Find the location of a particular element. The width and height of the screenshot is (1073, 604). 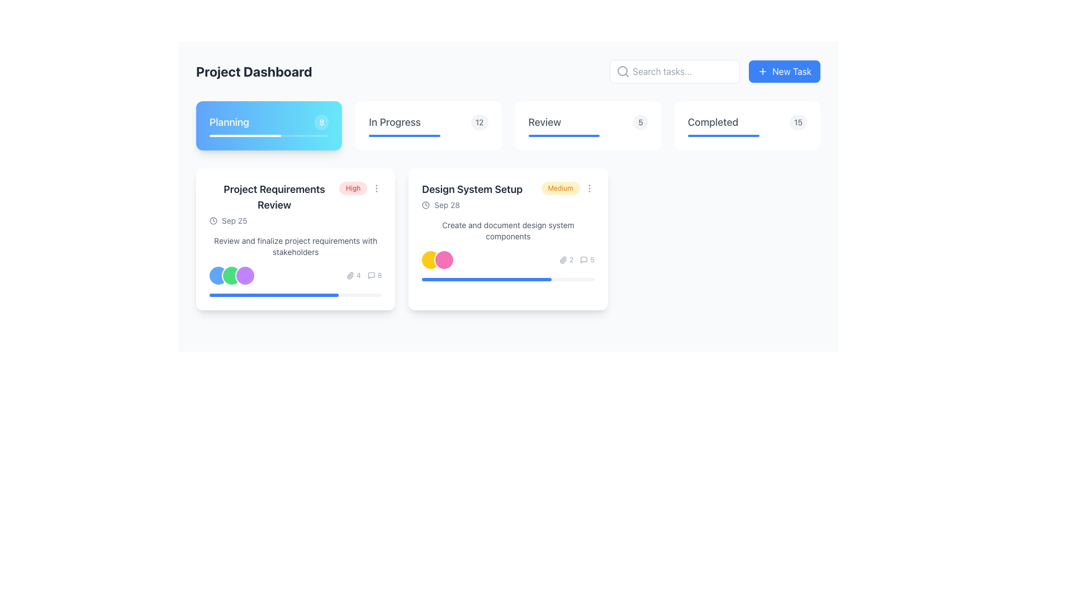

Avatar or profile icon located in the lower portion of the 'Project Requirements Review' card, positioned between the blue icon labeled 'Sarah' and the purple icon labeled 'Anna' is located at coordinates (231, 276).